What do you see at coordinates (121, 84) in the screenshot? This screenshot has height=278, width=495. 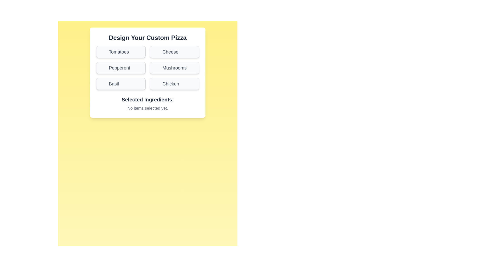 I see `the ingredient button labeled Basil to toggle its selection` at bounding box center [121, 84].